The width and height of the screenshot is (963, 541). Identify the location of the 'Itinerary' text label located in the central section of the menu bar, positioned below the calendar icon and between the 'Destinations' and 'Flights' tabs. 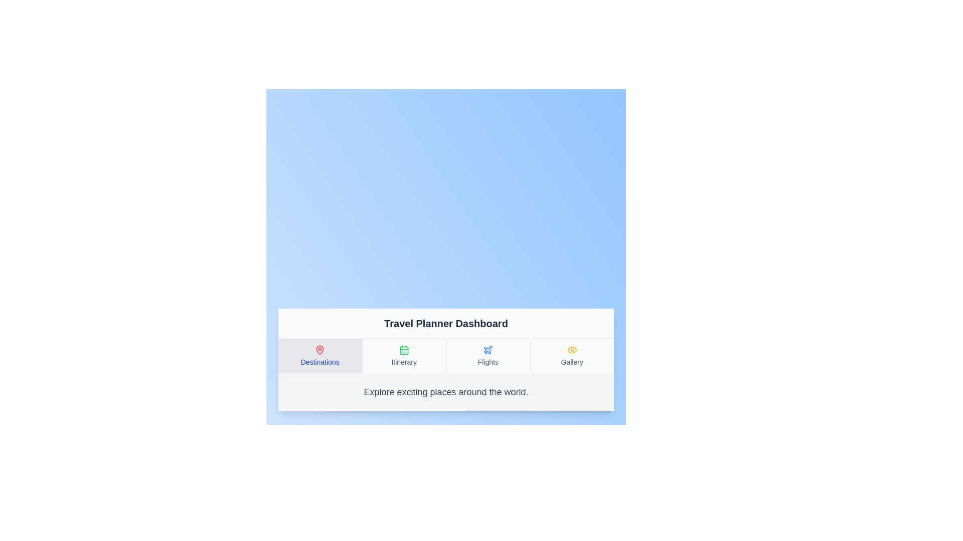
(404, 362).